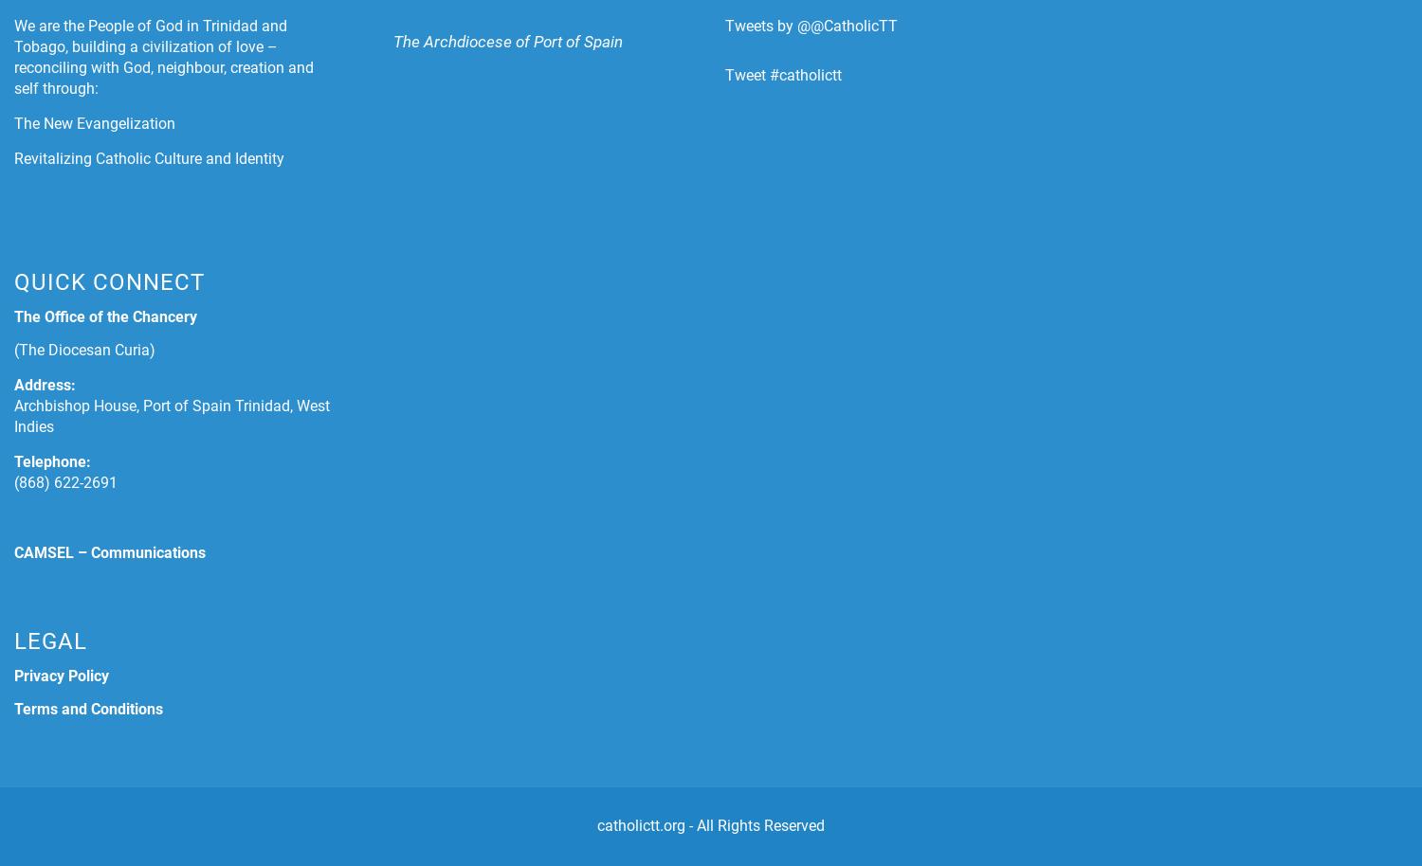 The image size is (1422, 866). What do you see at coordinates (64, 481) in the screenshot?
I see `'(868) 622-2691'` at bounding box center [64, 481].